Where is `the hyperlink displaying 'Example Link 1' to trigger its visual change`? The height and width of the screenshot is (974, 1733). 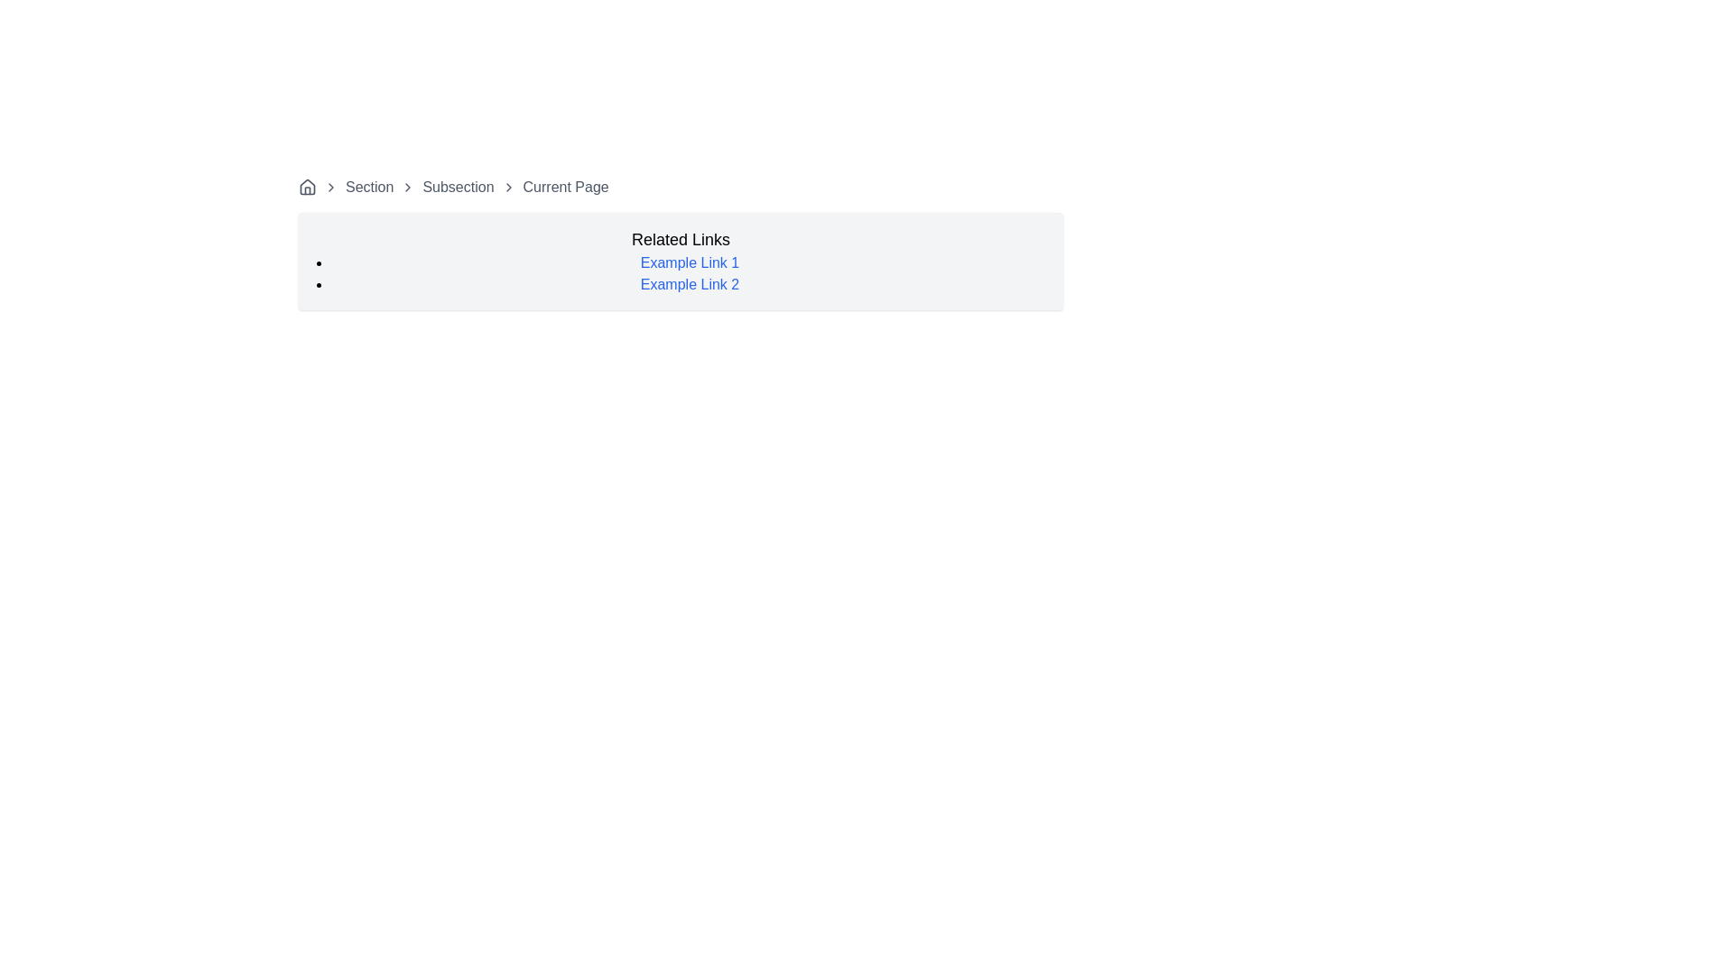 the hyperlink displaying 'Example Link 1' to trigger its visual change is located at coordinates (689, 263).